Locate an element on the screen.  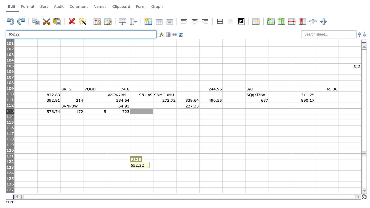
G123 is located at coordinates (164, 168).